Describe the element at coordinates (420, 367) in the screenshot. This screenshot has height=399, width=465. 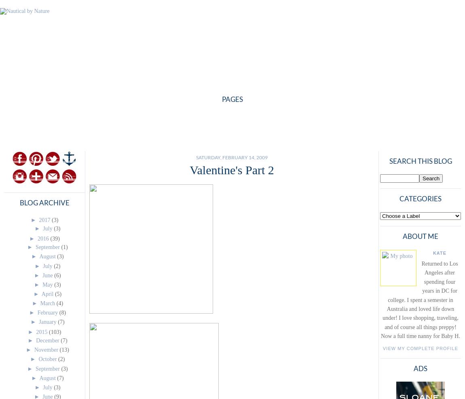
I see `'Ads'` at that location.